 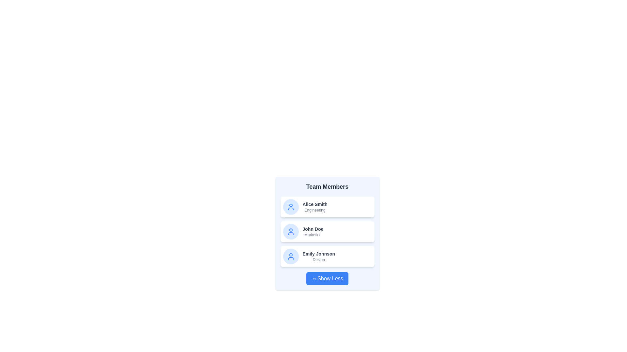 I want to click on the user profile icon representing 'John Doe' in the 'Team Members' section, located to the left of the text 'John Doe' and 'Marketing.', so click(x=290, y=231).